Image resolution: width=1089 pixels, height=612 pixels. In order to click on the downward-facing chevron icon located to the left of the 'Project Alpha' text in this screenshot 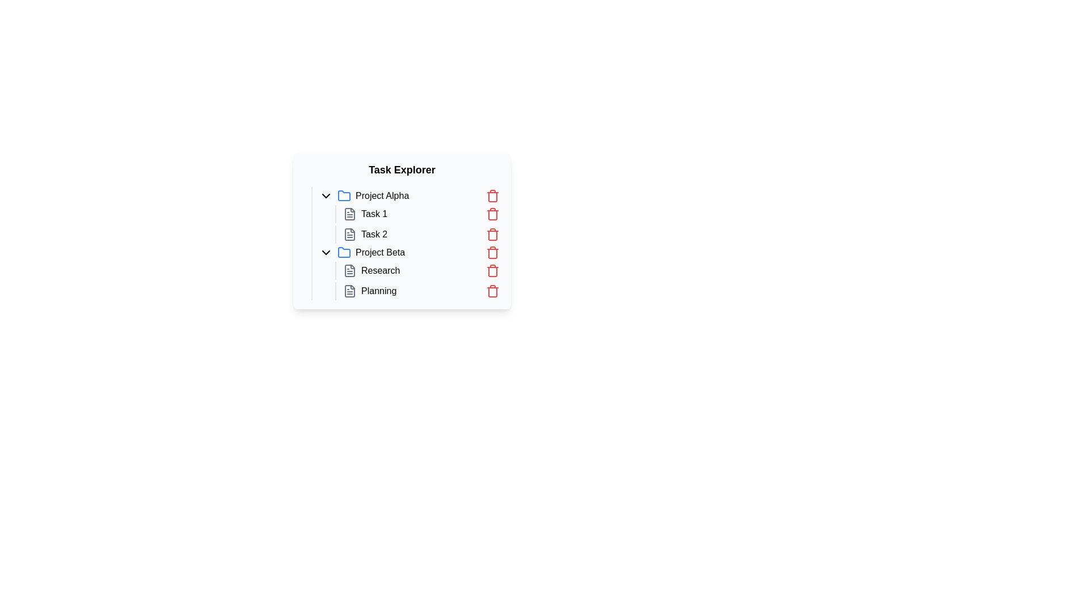, I will do `click(326, 195)`.